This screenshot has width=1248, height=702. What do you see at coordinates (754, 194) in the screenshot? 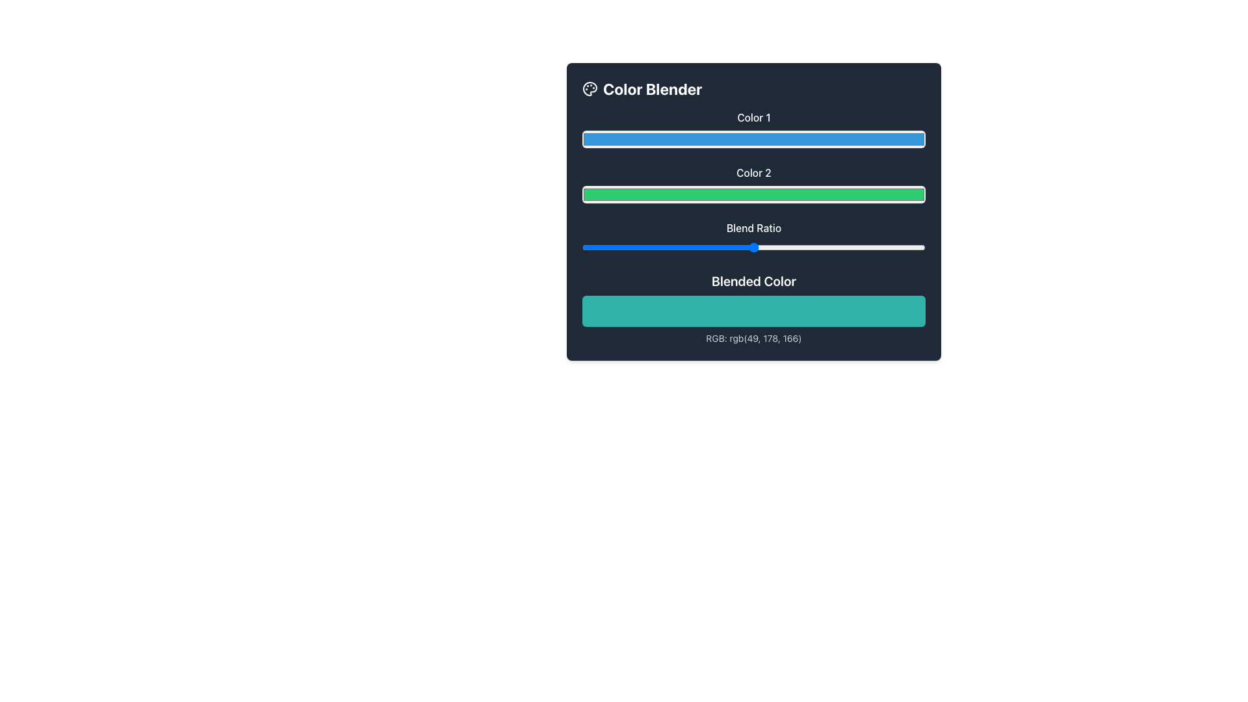
I see `the color picker on the color input field` at bounding box center [754, 194].